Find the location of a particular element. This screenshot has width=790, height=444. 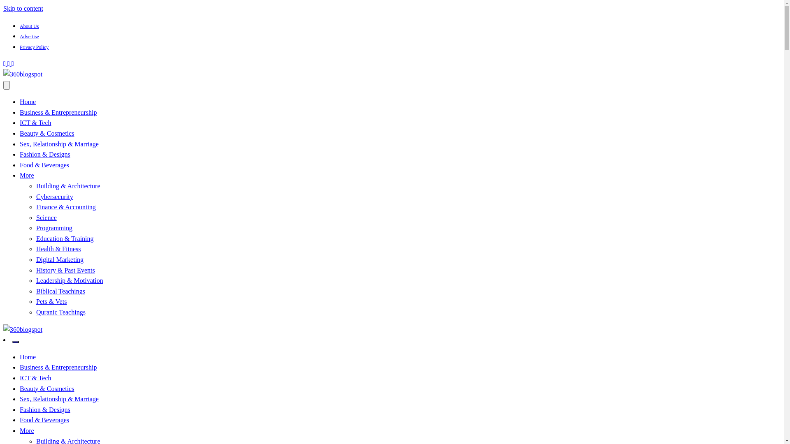

'Science' is located at coordinates (46, 217).